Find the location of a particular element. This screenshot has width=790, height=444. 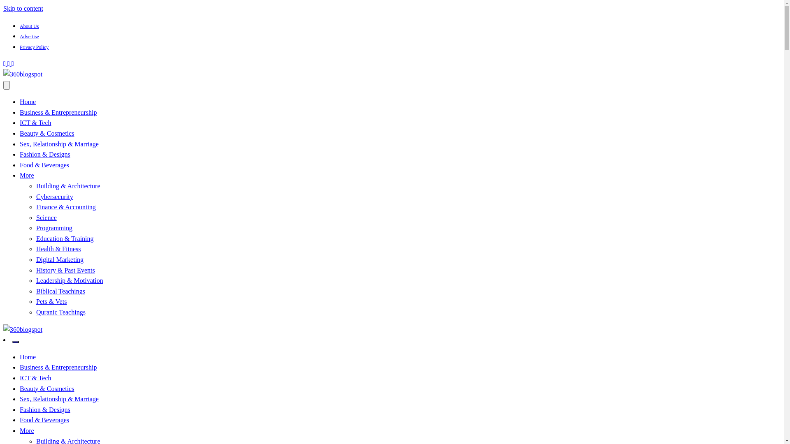

'Science' is located at coordinates (46, 217).